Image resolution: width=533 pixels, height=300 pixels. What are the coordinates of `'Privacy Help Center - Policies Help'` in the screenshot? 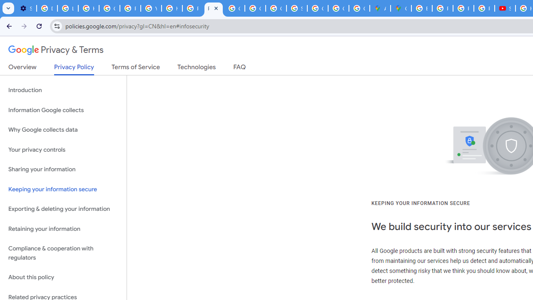 It's located at (463, 8).